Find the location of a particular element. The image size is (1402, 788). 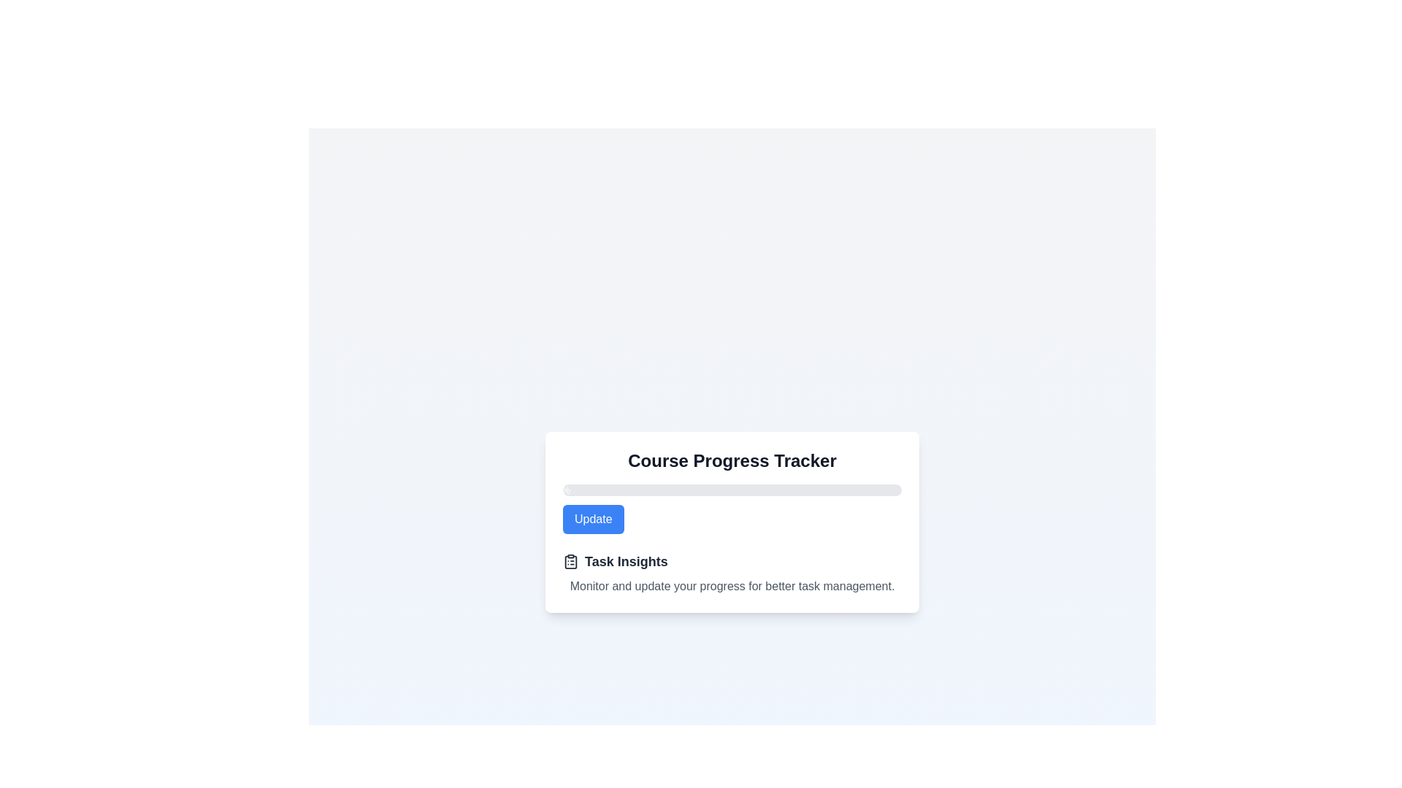

informational section titled 'Task Insights' which provides guidance on monitoring and updating progress for better task management is located at coordinates (732, 573).